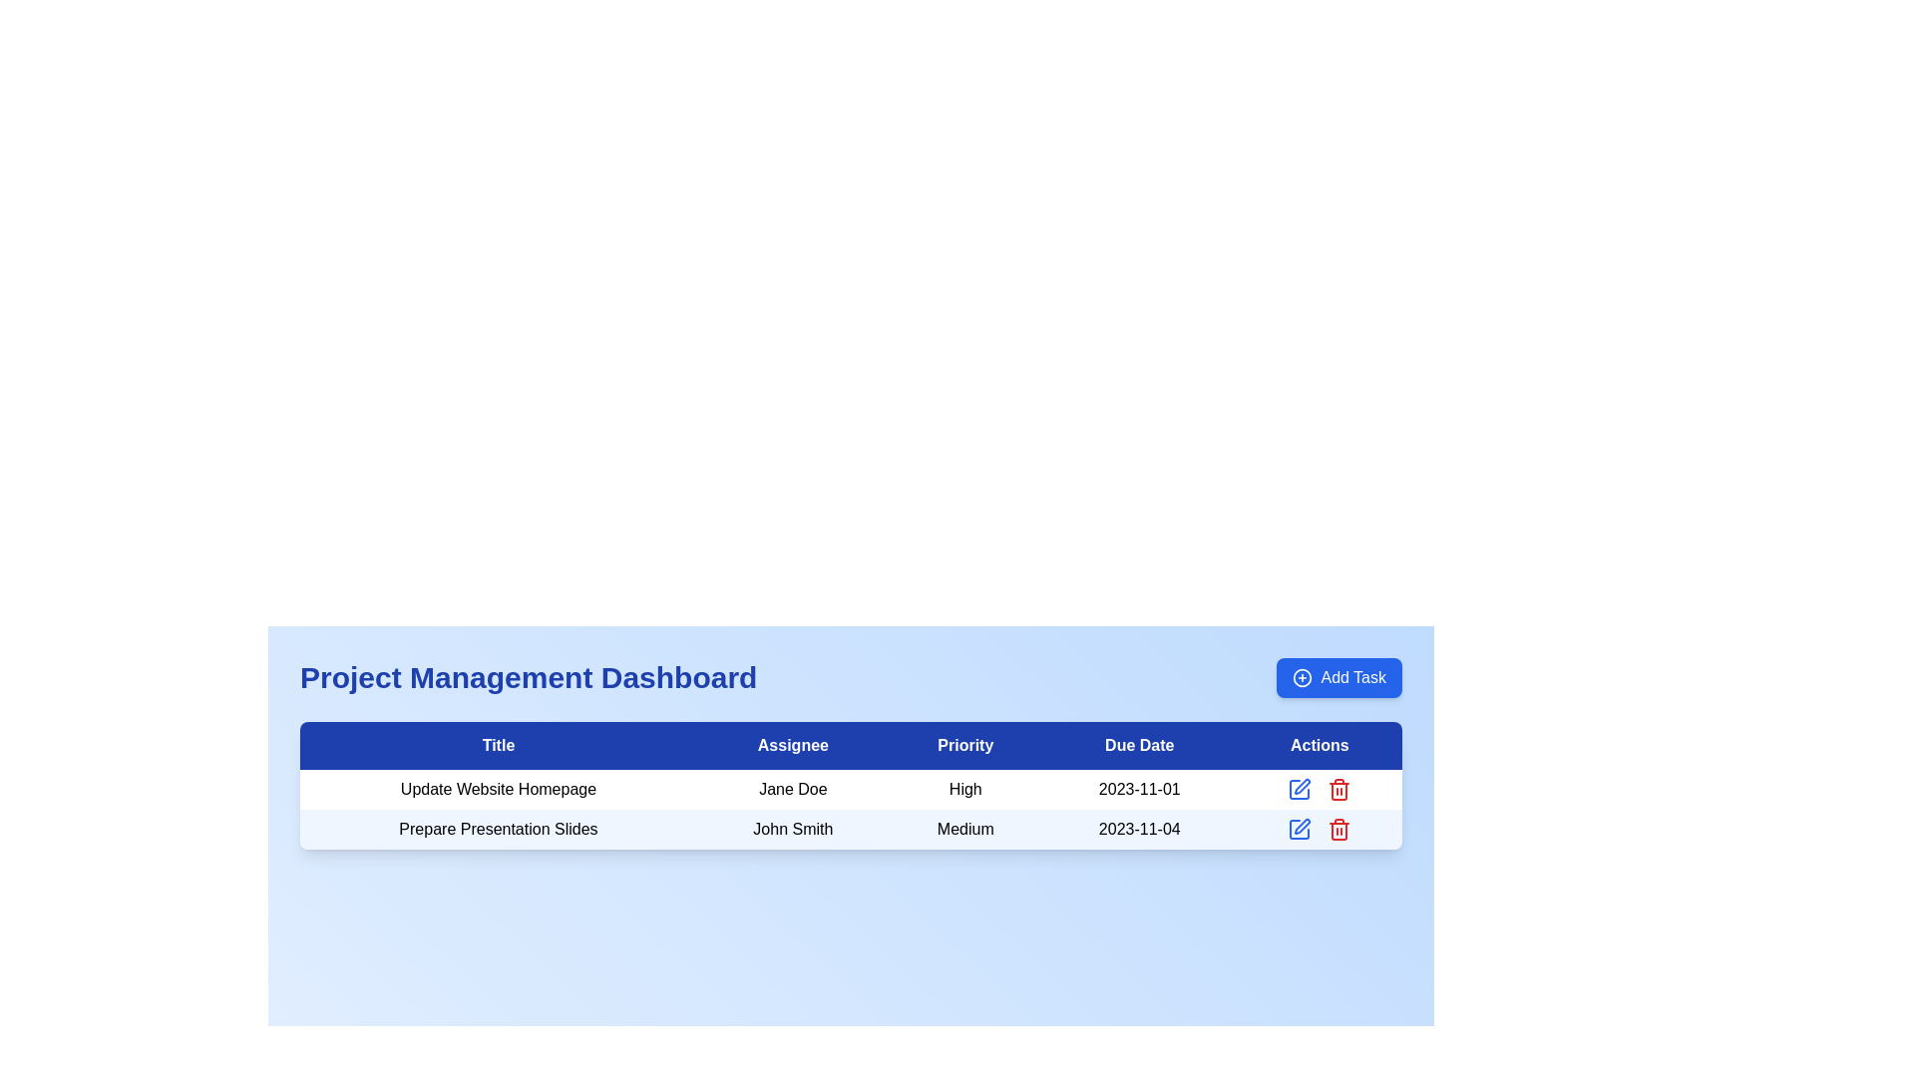  What do you see at coordinates (1303, 676) in the screenshot?
I see `the decorative circular boundary surrounding the plus sign icon in the 'Add Task' button to visually indicate the action to add a new task` at bounding box center [1303, 676].